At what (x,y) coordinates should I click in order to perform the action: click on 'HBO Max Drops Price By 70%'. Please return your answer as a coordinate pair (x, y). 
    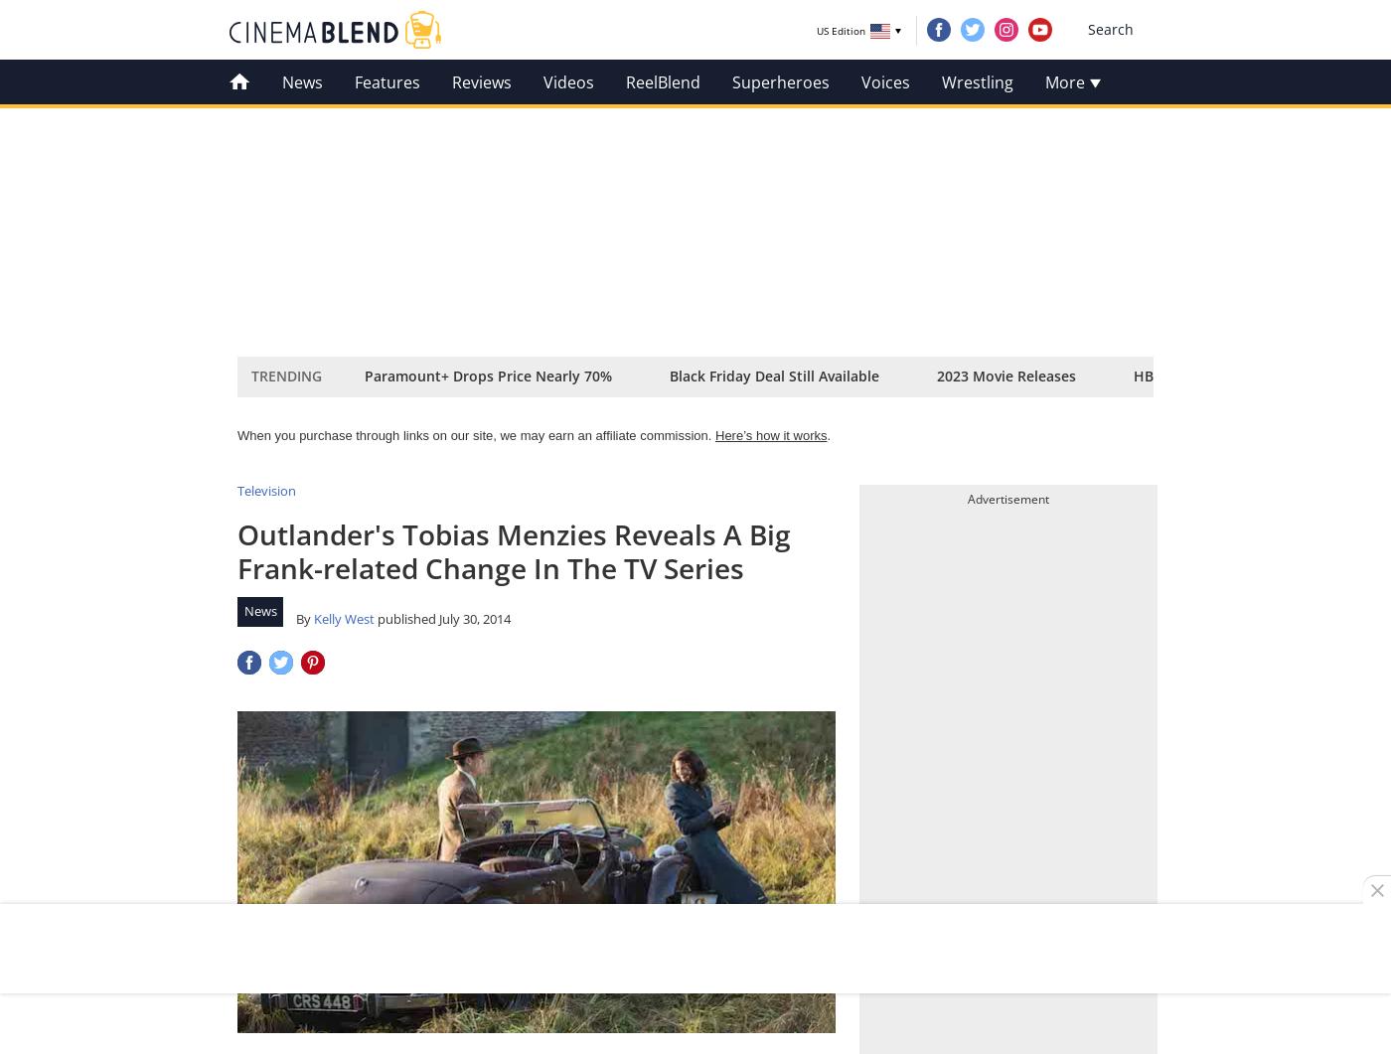
    Looking at the image, I should click on (1134, 376).